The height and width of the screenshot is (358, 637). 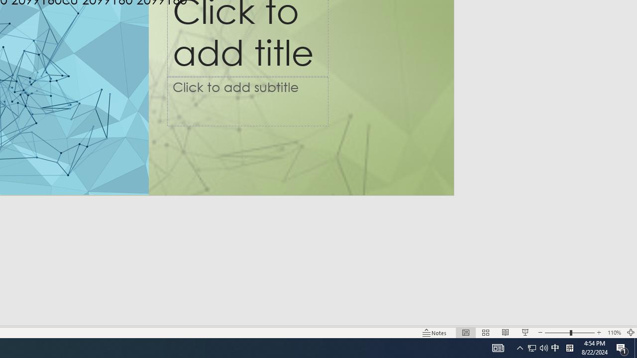 What do you see at coordinates (614, 333) in the screenshot?
I see `'Zoom 110%'` at bounding box center [614, 333].